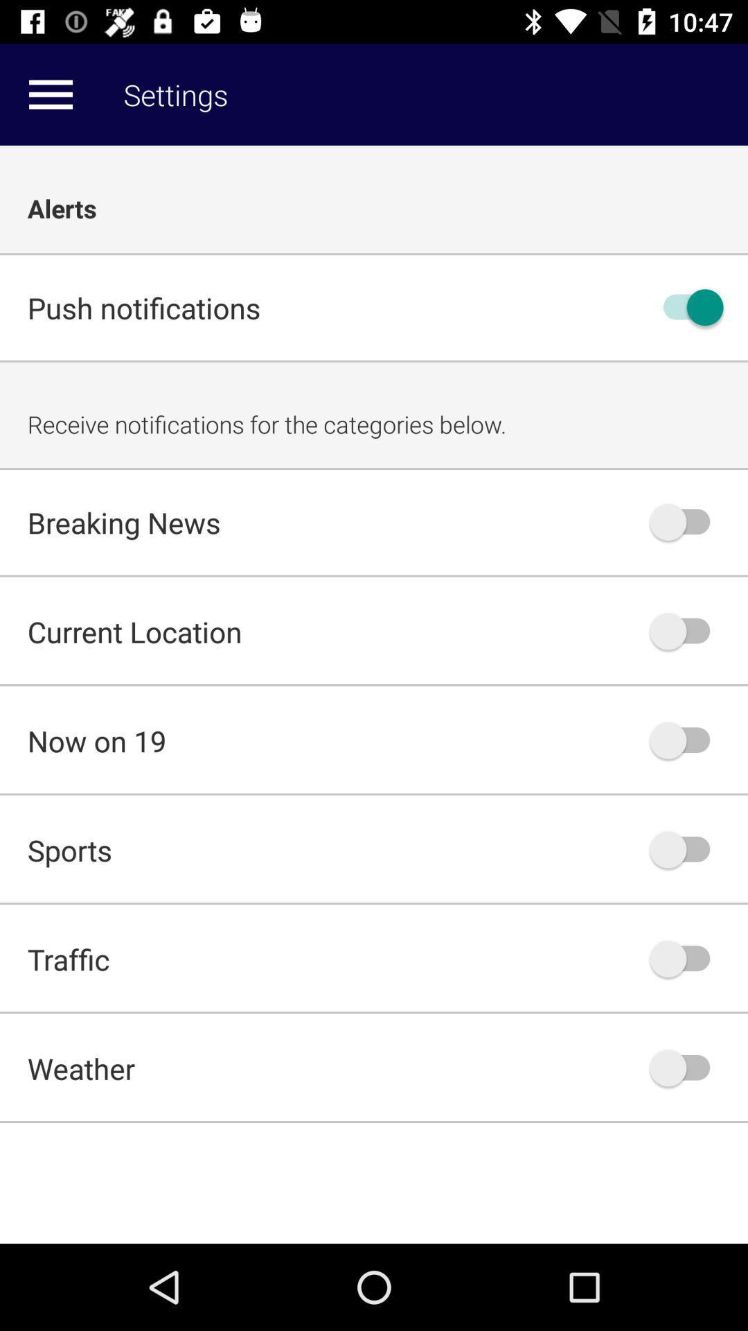 This screenshot has width=748, height=1331. I want to click on sports, so click(686, 849).